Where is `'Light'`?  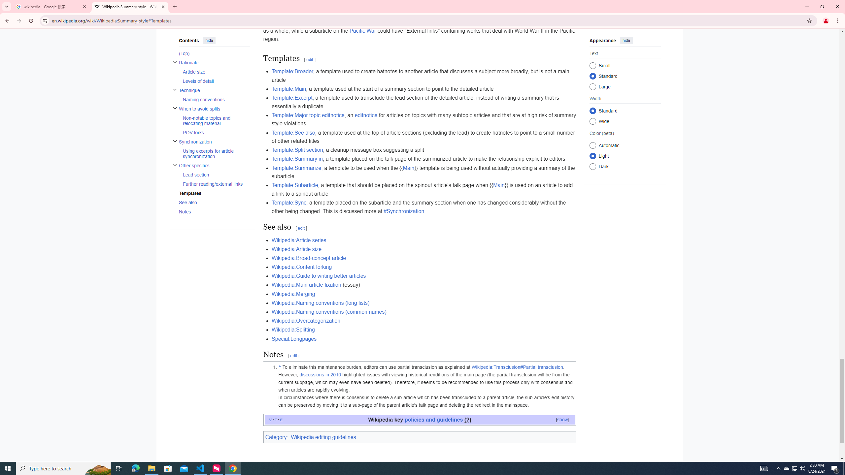 'Light' is located at coordinates (592, 155).